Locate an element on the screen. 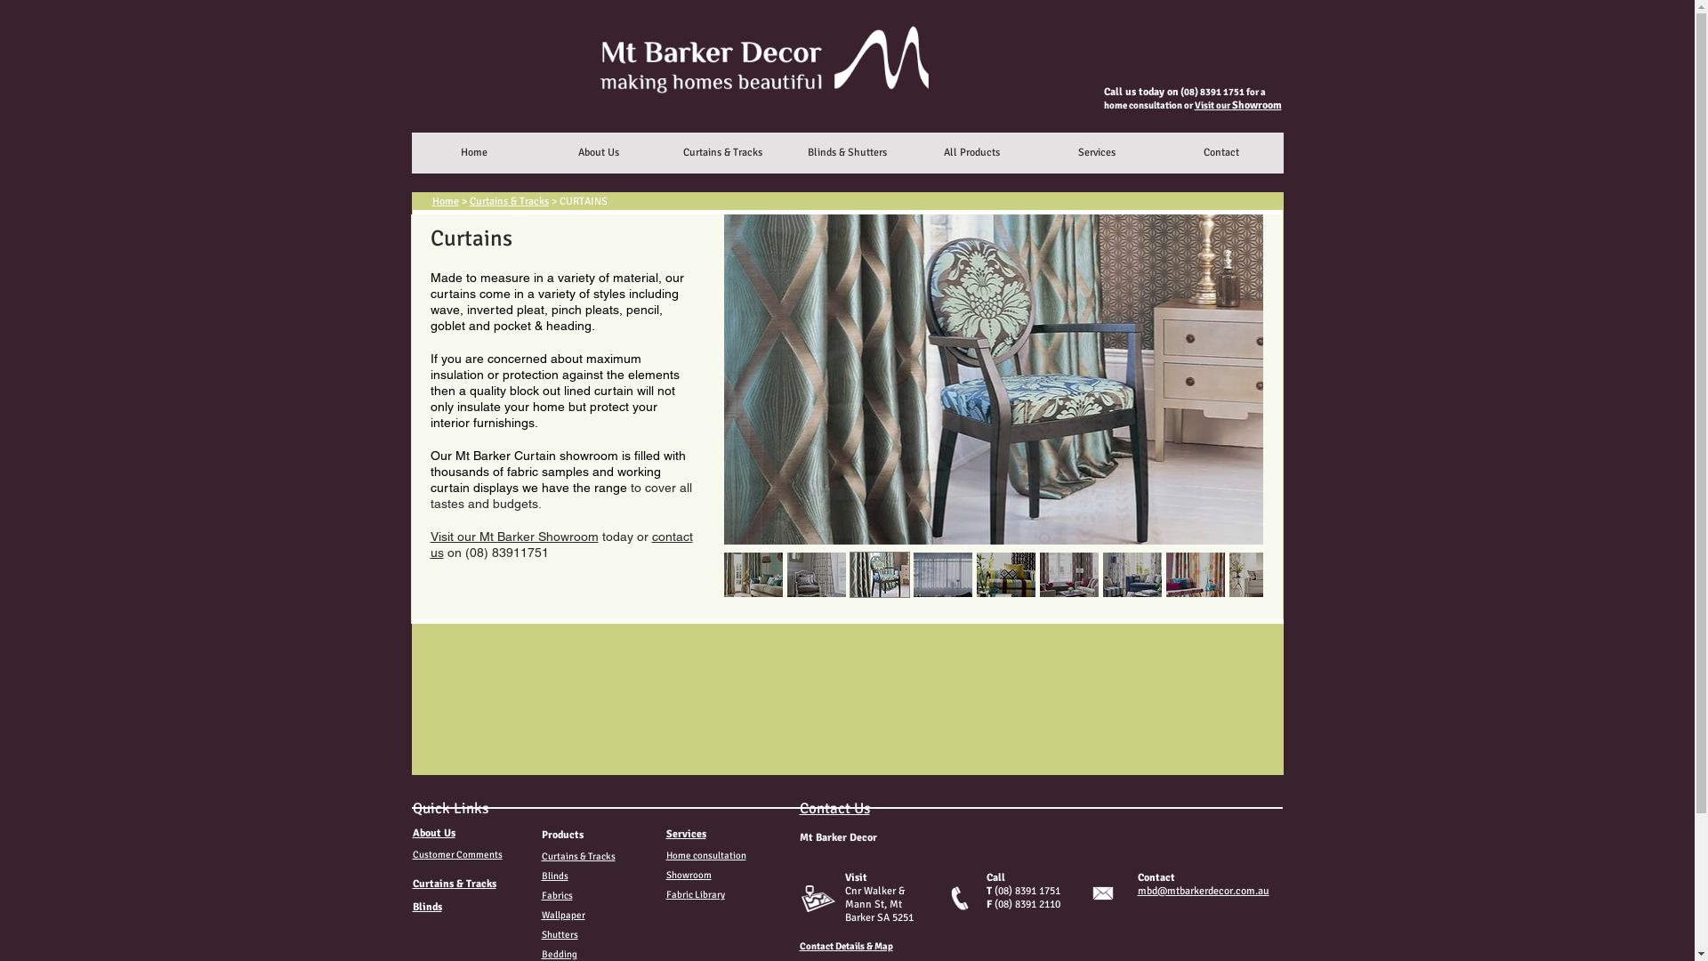 The image size is (1708, 961). 'Fabrics' is located at coordinates (555, 895).